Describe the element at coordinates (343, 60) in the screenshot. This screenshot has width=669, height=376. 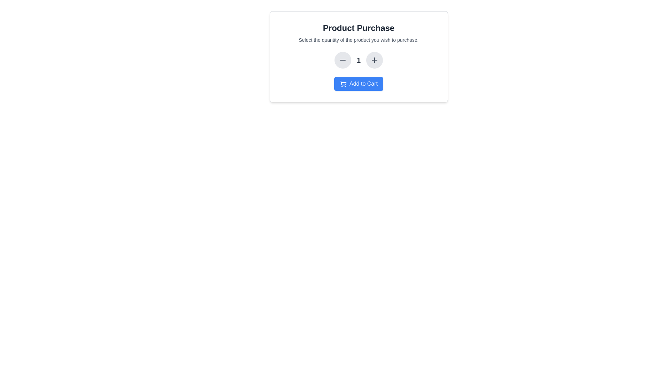
I see `the decrement button, which is the leftmost element in a horizontal arrangement that includes a counter display and a '+' button to observe a background color change` at that location.